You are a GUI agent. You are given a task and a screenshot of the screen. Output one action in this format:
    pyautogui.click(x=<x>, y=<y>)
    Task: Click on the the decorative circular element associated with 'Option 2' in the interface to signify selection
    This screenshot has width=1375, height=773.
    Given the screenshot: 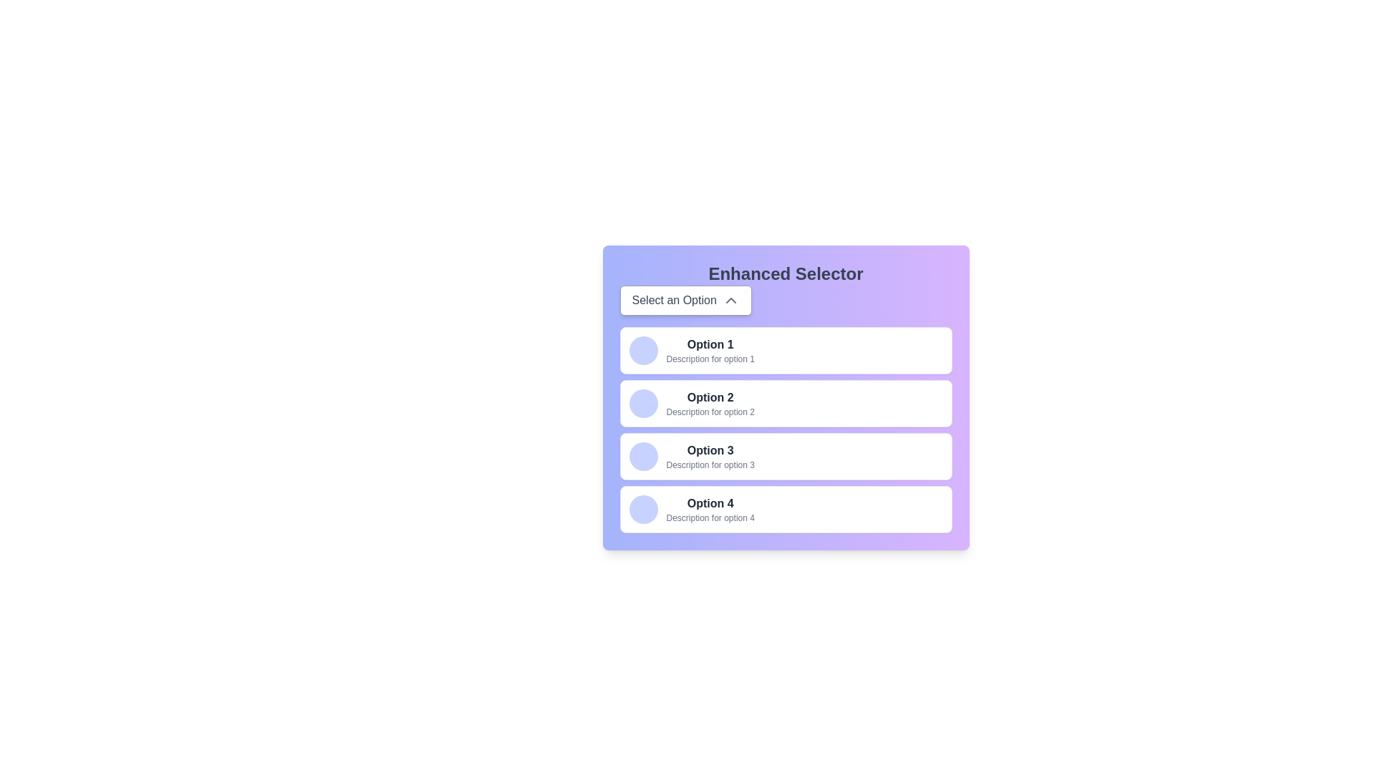 What is the action you would take?
    pyautogui.click(x=642, y=403)
    